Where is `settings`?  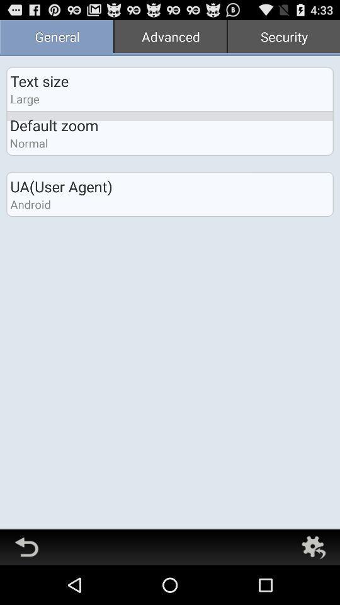
settings is located at coordinates (312, 546).